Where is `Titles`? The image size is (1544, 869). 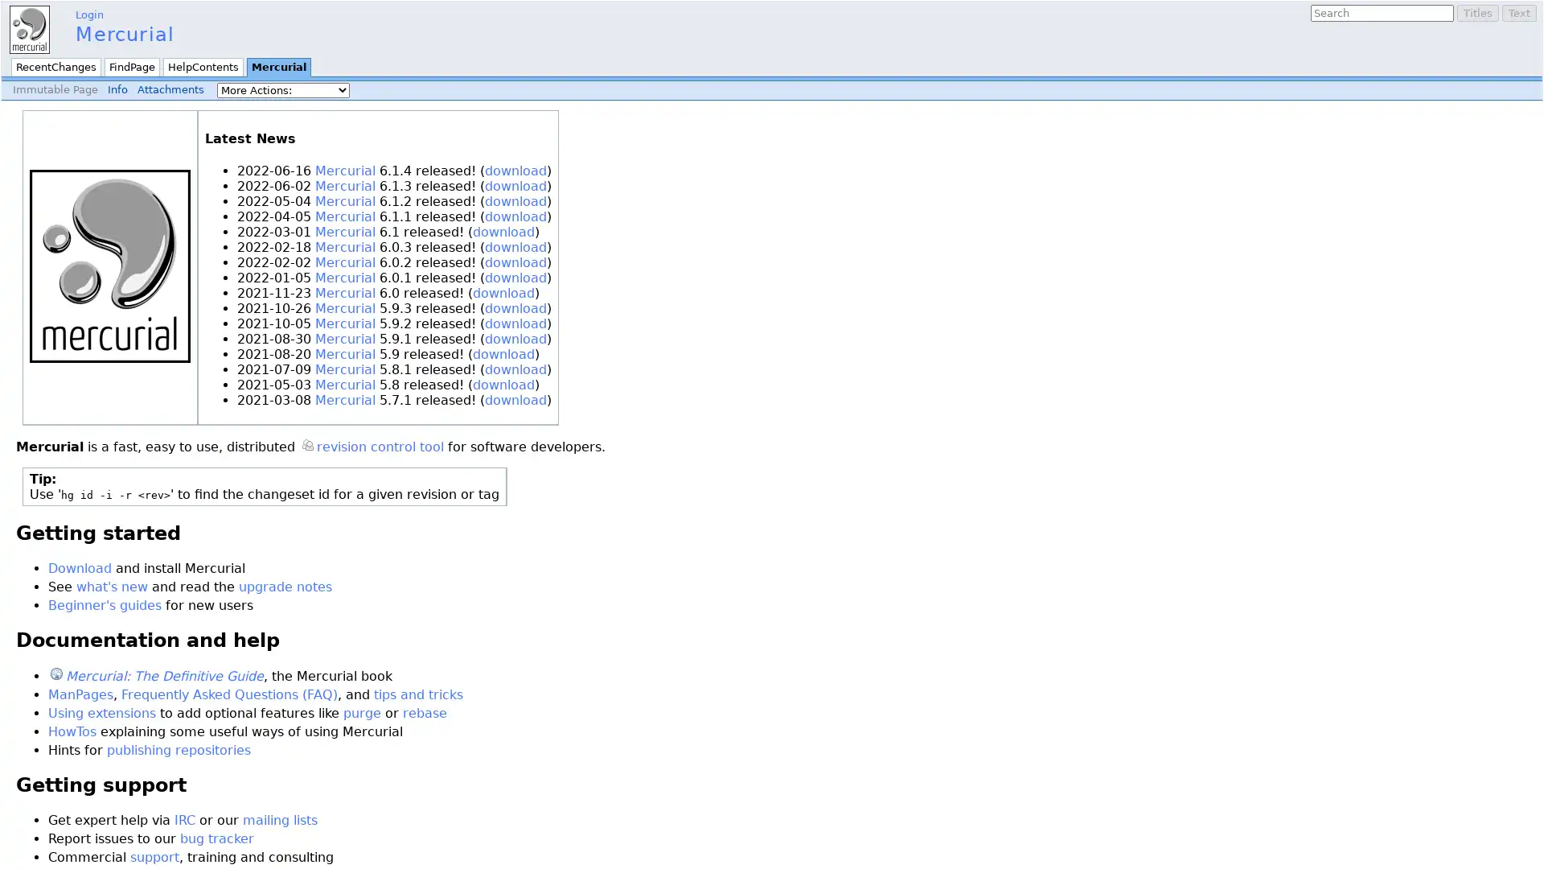 Titles is located at coordinates (1478, 13).